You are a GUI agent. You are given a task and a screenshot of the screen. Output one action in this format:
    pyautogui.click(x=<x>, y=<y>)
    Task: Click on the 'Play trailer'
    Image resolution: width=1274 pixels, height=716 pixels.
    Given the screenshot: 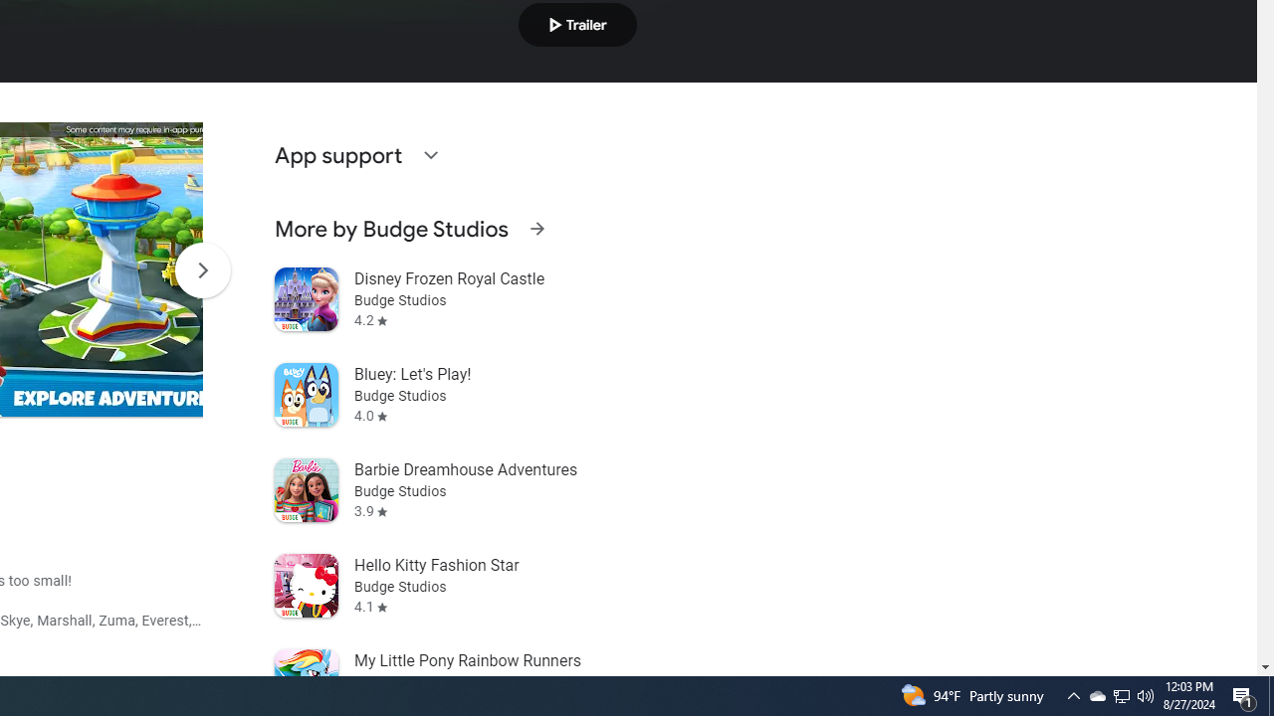 What is the action you would take?
    pyautogui.click(x=576, y=24)
    